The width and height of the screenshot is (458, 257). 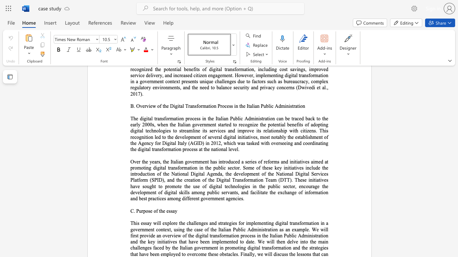 What do you see at coordinates (304, 223) in the screenshot?
I see `the 5th character "r" in the text` at bounding box center [304, 223].